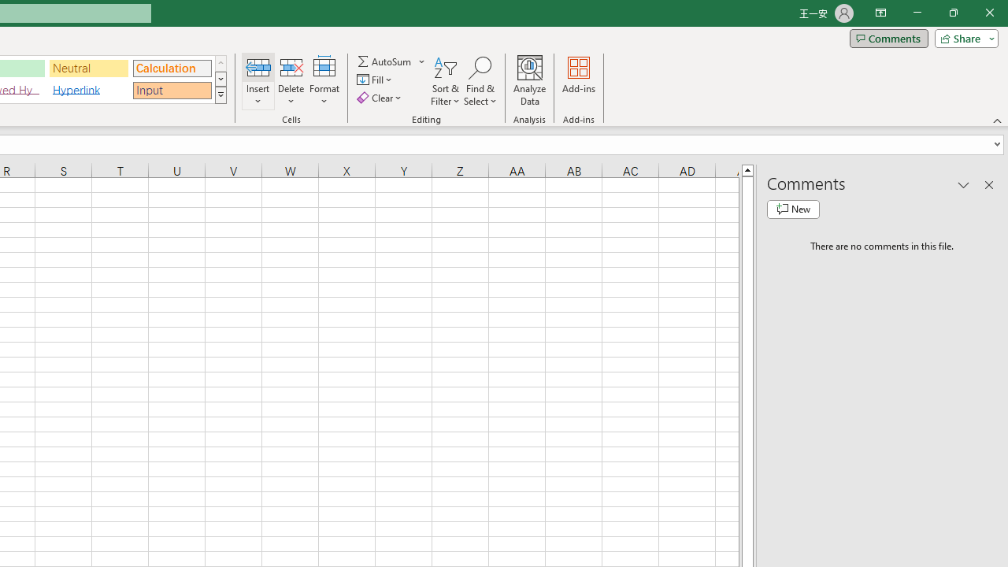  What do you see at coordinates (480, 81) in the screenshot?
I see `'Find & Select'` at bounding box center [480, 81].